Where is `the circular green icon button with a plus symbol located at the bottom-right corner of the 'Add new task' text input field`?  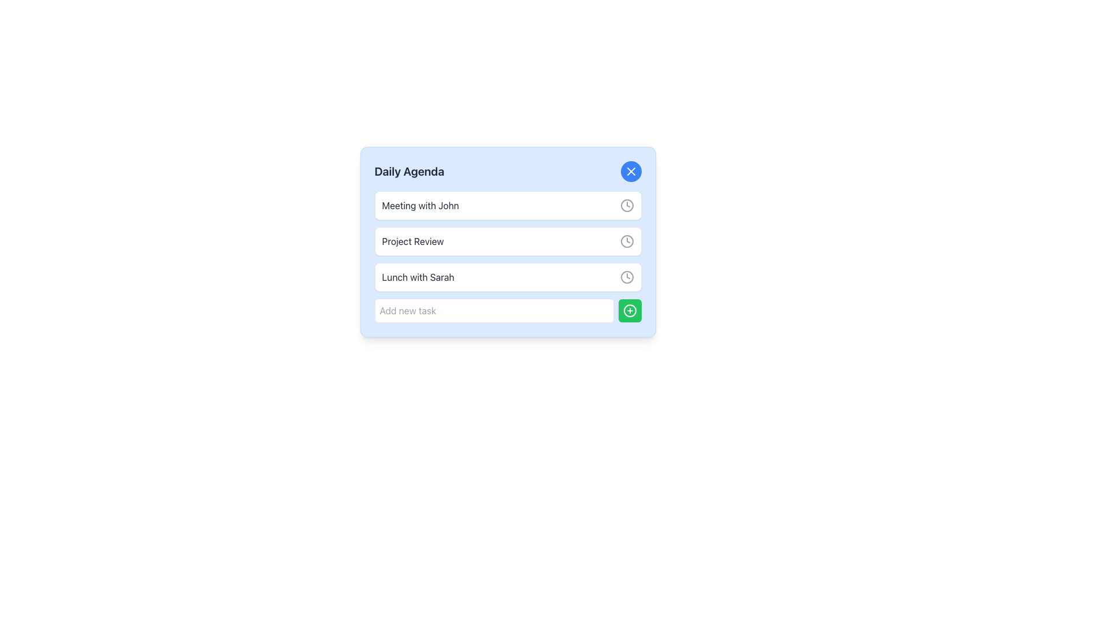
the circular green icon button with a plus symbol located at the bottom-right corner of the 'Add new task' text input field is located at coordinates (629, 310).